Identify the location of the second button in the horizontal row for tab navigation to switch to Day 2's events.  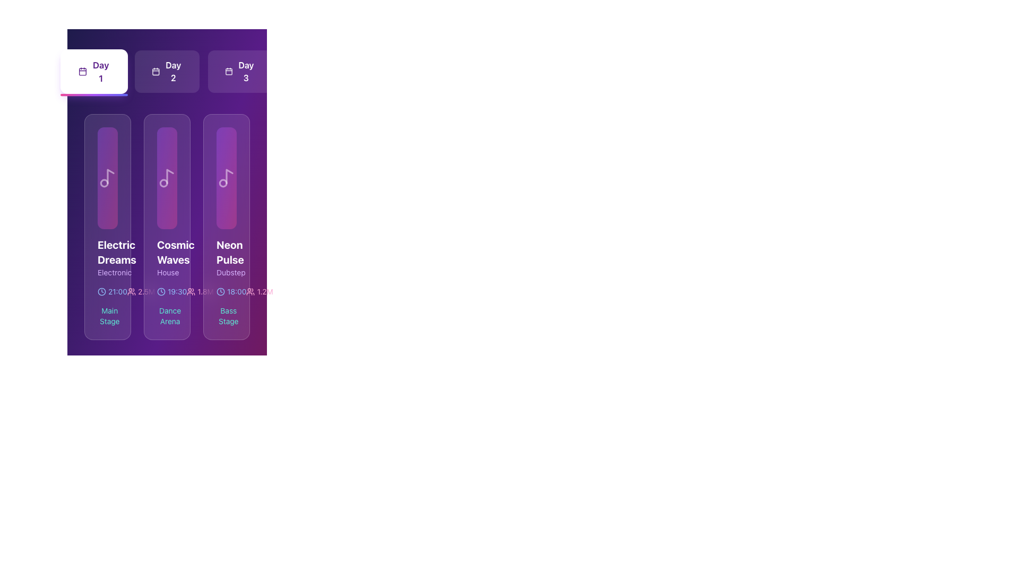
(167, 72).